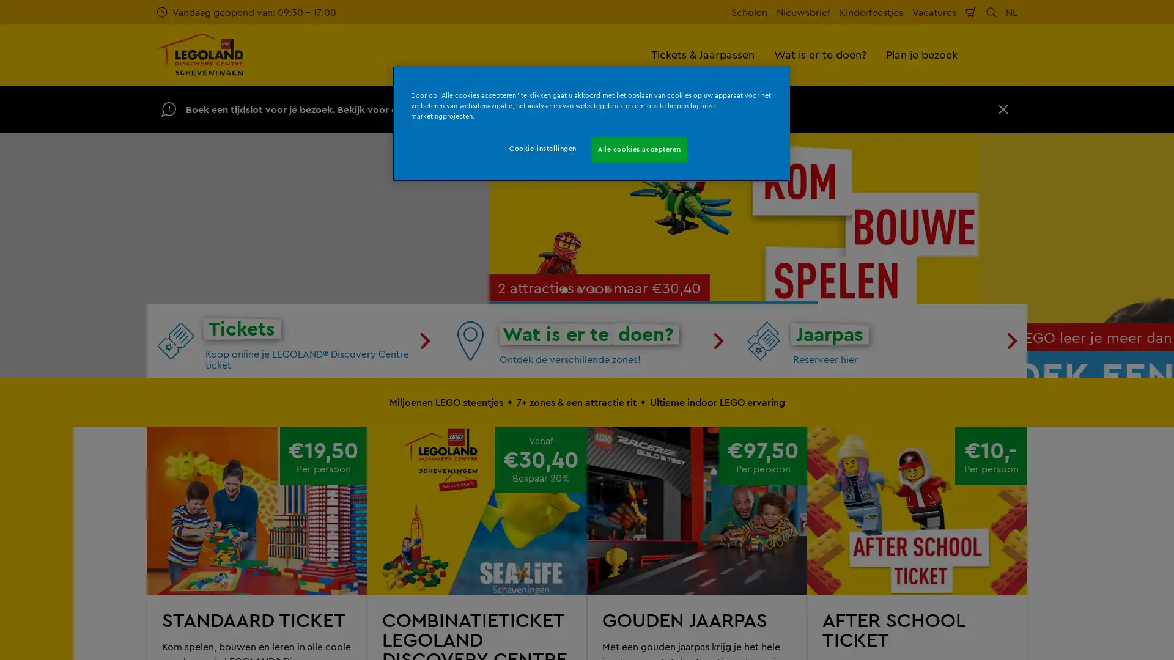 The image size is (1174, 660). I want to click on Alle cookies accepteren, so click(638, 149).